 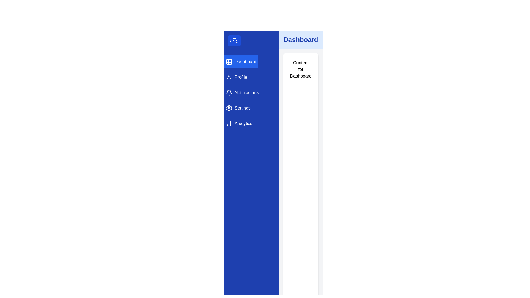 What do you see at coordinates (245, 62) in the screenshot?
I see `text label displaying 'Dashboard' styled in blue font, which is part of the sidebar navigation under the grid icon` at bounding box center [245, 62].